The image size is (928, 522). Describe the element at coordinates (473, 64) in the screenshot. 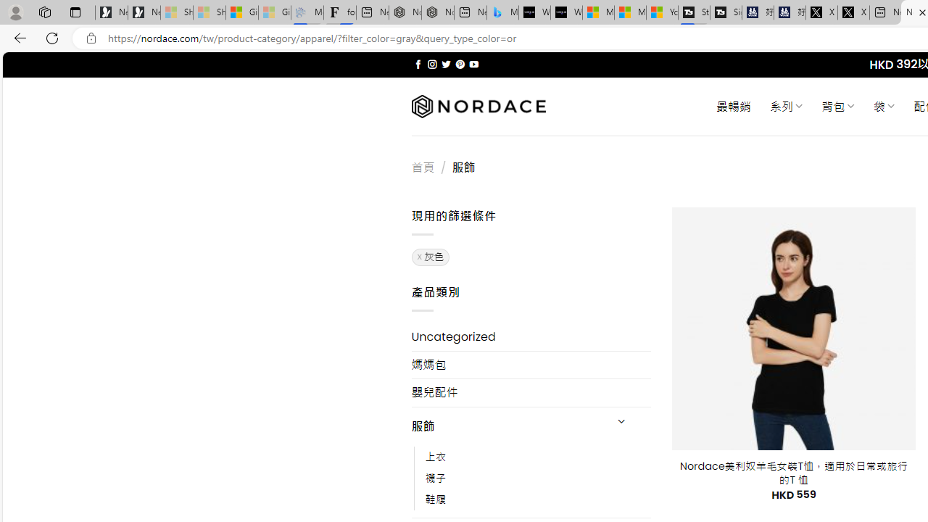

I see `'Follow on YouTube'` at that location.